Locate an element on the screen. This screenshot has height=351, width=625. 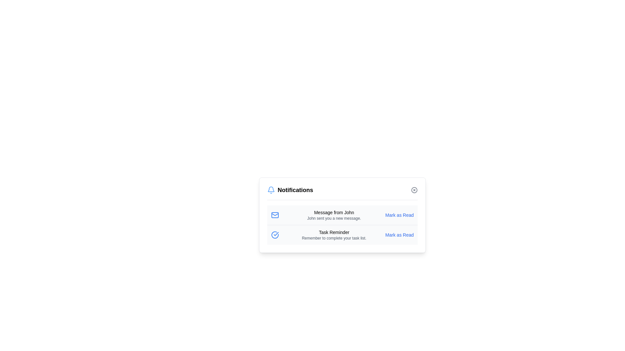
the curved graphical shape that represents the lower part of the blue notification bell icon located at the top-left corner of the notifications panel is located at coordinates (271, 189).